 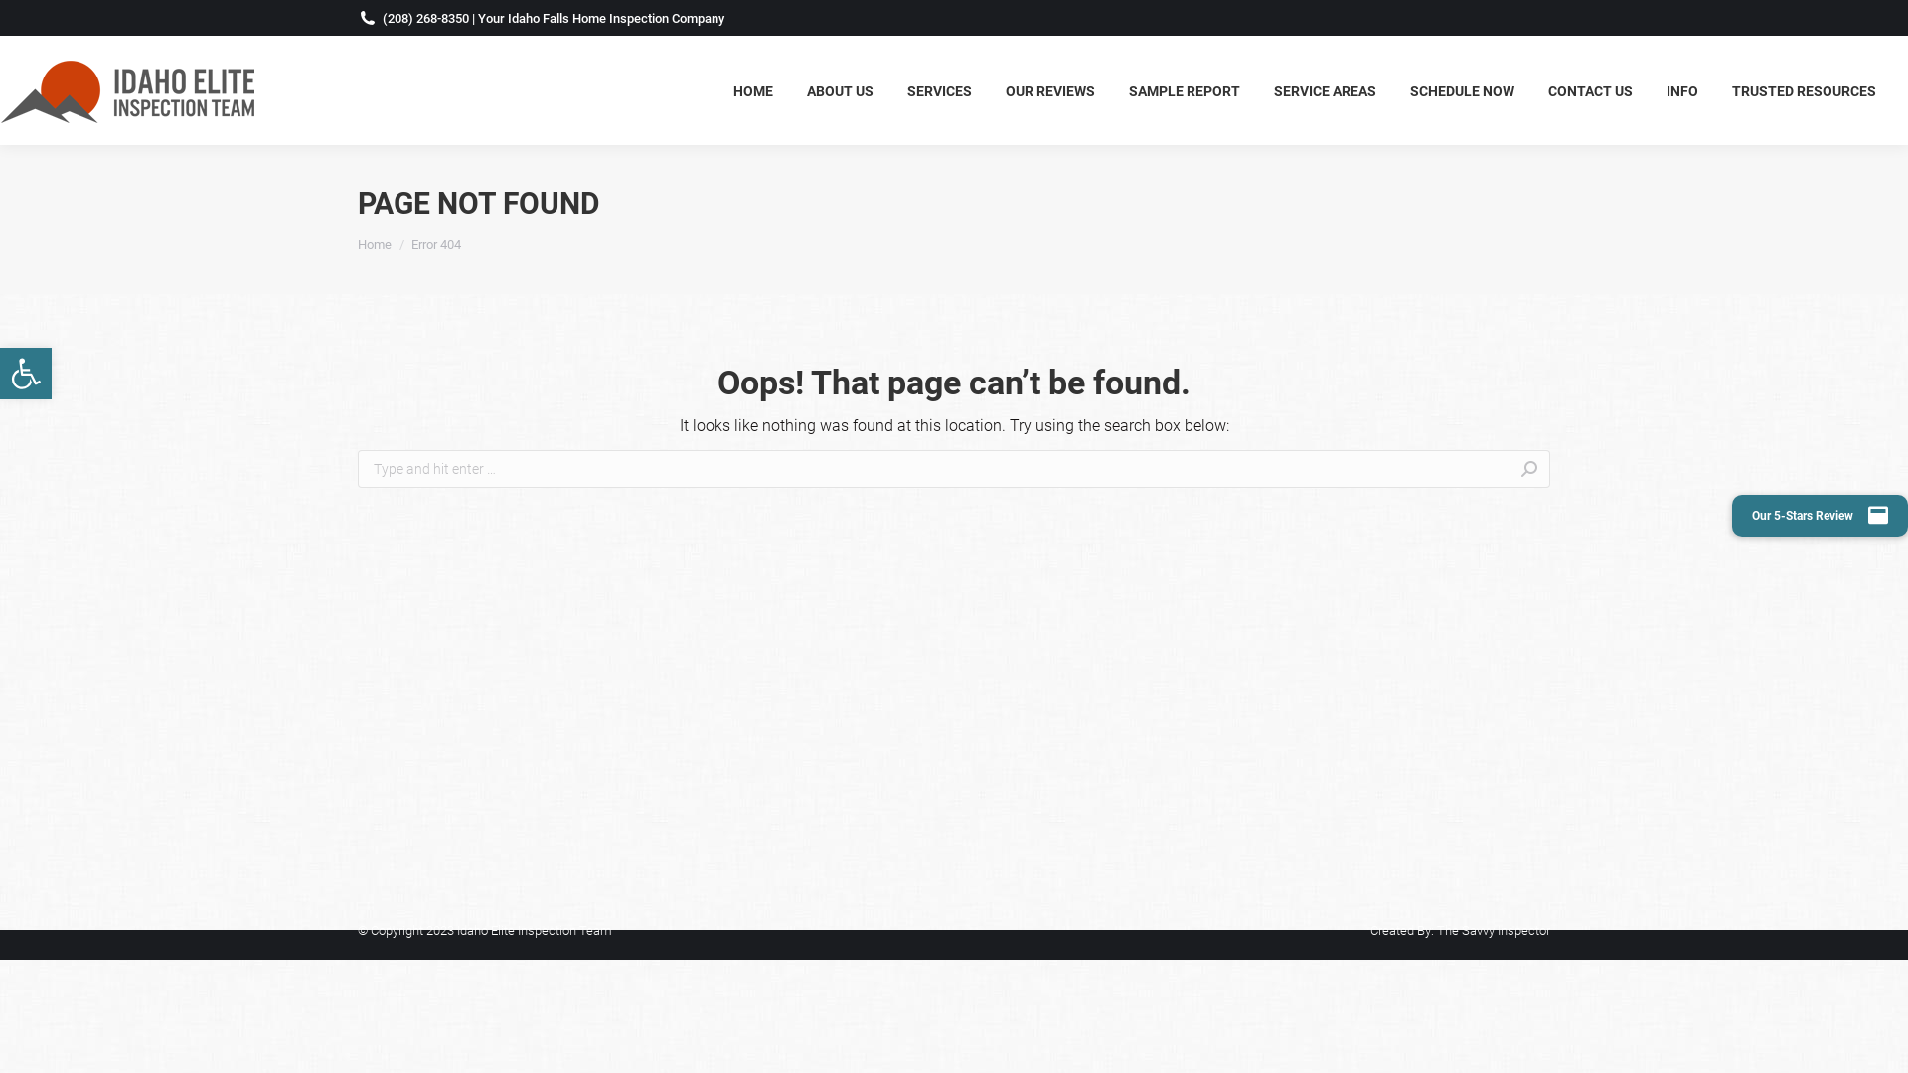 What do you see at coordinates (375, 242) in the screenshot?
I see `'Home'` at bounding box center [375, 242].